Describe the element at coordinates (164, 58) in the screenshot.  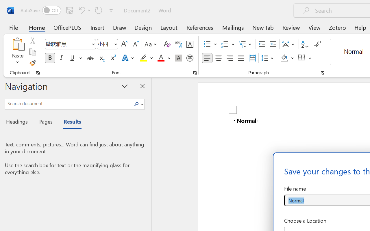
I see `'Font Color'` at that location.